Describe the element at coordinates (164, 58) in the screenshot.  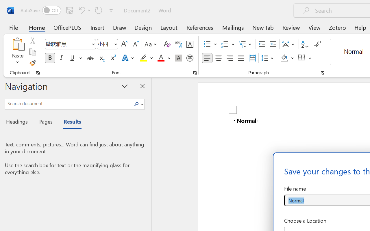
I see `'Font Color'` at that location.